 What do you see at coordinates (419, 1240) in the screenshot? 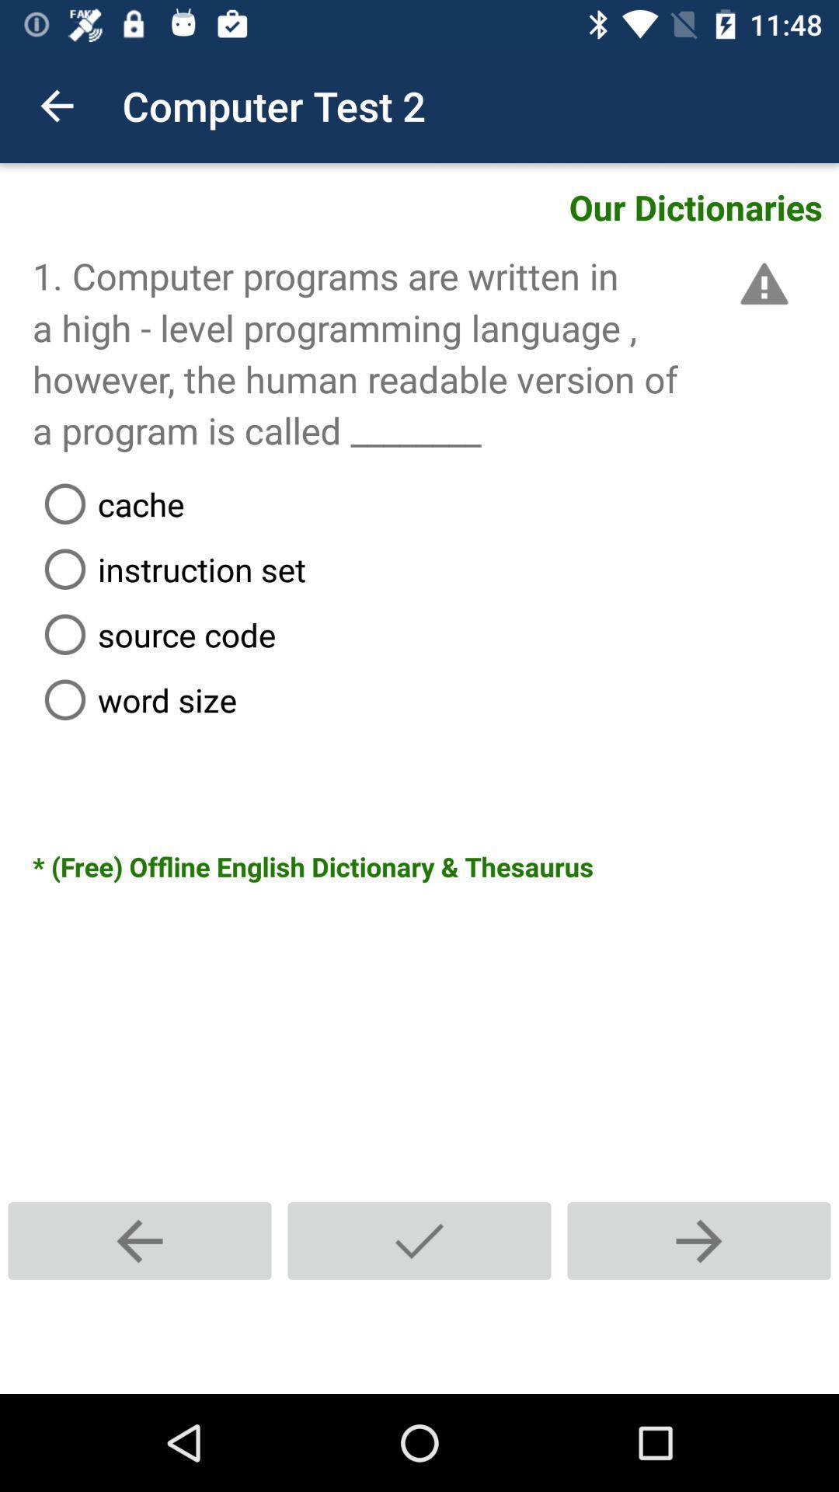
I see `the navigation icon` at bounding box center [419, 1240].